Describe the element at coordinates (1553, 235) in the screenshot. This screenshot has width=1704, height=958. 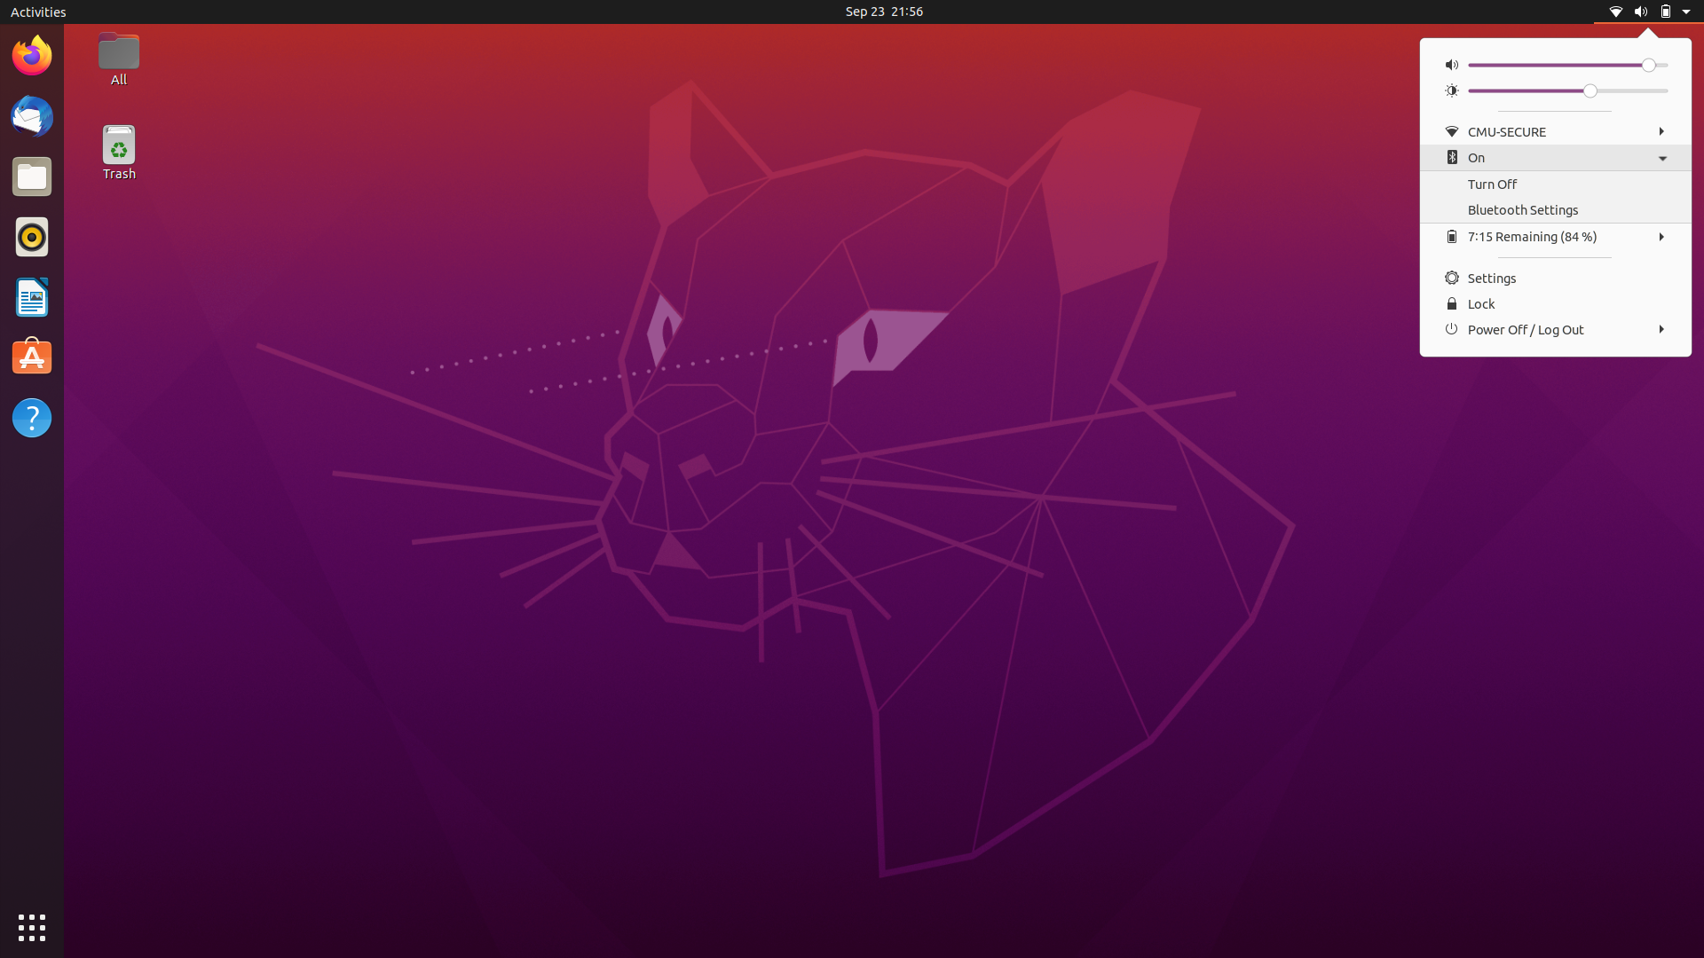
I see `Battery Options` at that location.